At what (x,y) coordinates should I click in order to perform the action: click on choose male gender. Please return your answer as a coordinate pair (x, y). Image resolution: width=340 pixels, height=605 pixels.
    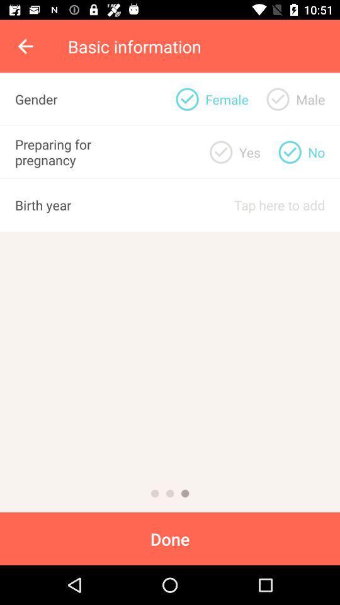
    Looking at the image, I should click on (278, 98).